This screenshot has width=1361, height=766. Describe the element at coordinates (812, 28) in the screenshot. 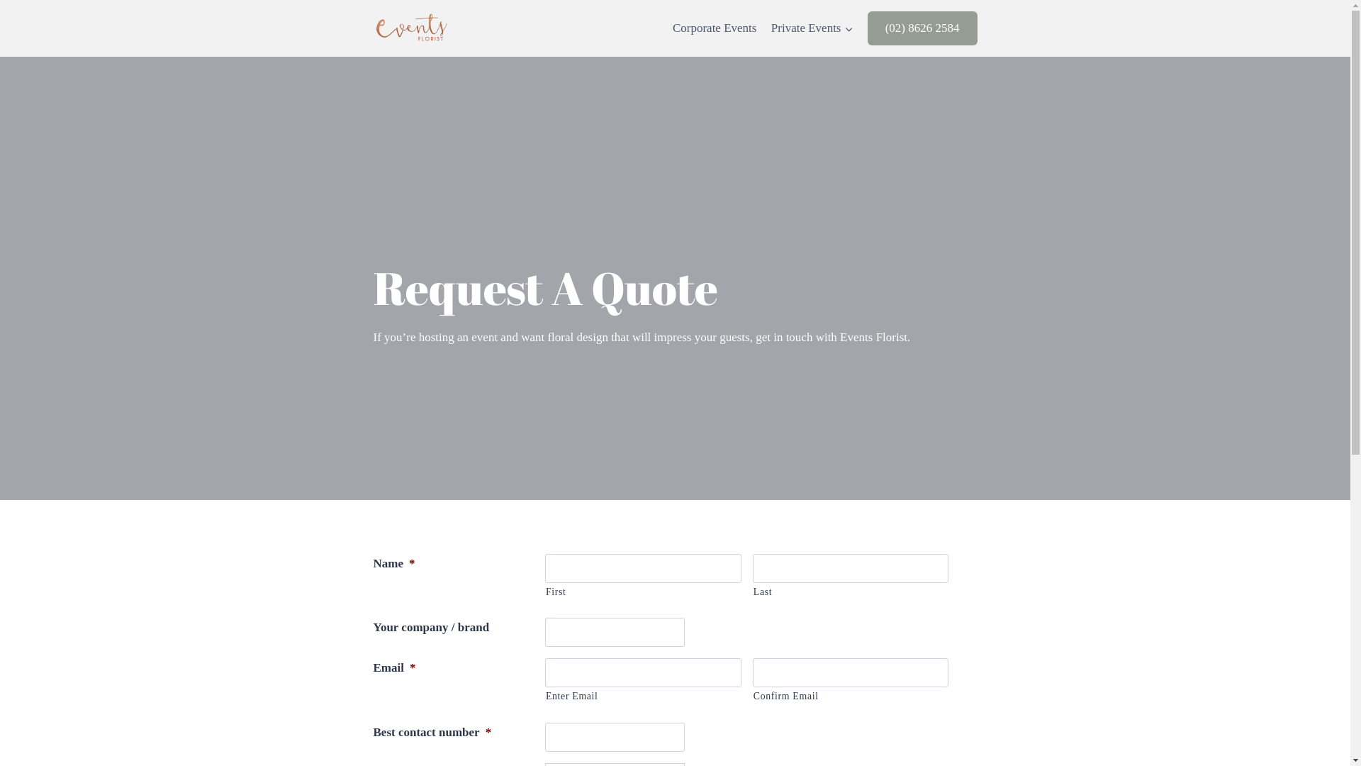

I see `'Private Events'` at that location.